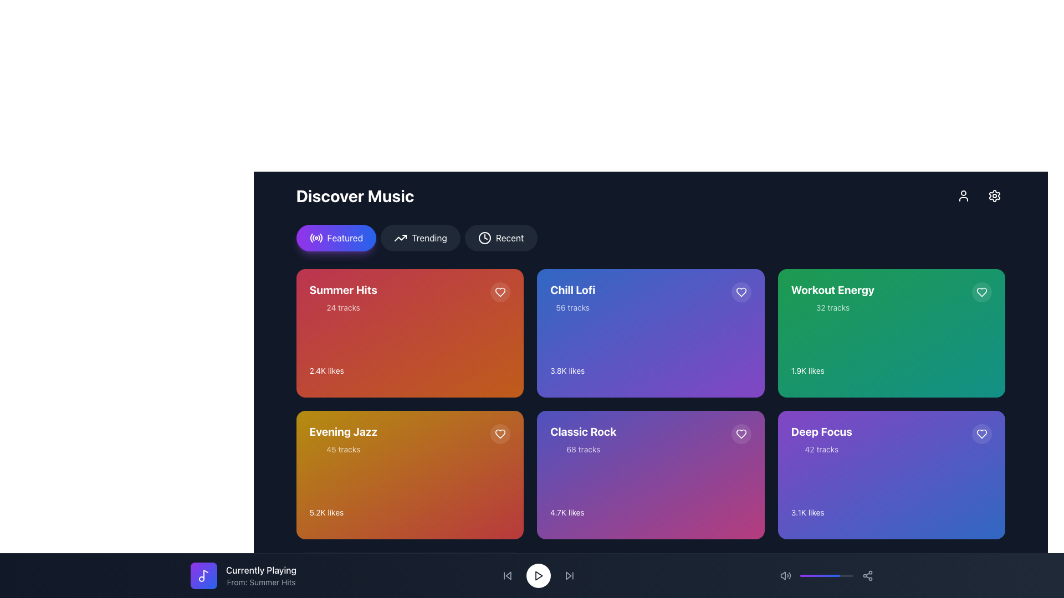 This screenshot has width=1064, height=598. I want to click on the play button with a triangular symbol on the circular background located at the bottom-right corner of the 'Chill Lofi' purple card in the grid layout to play the related playlist, so click(738, 388).